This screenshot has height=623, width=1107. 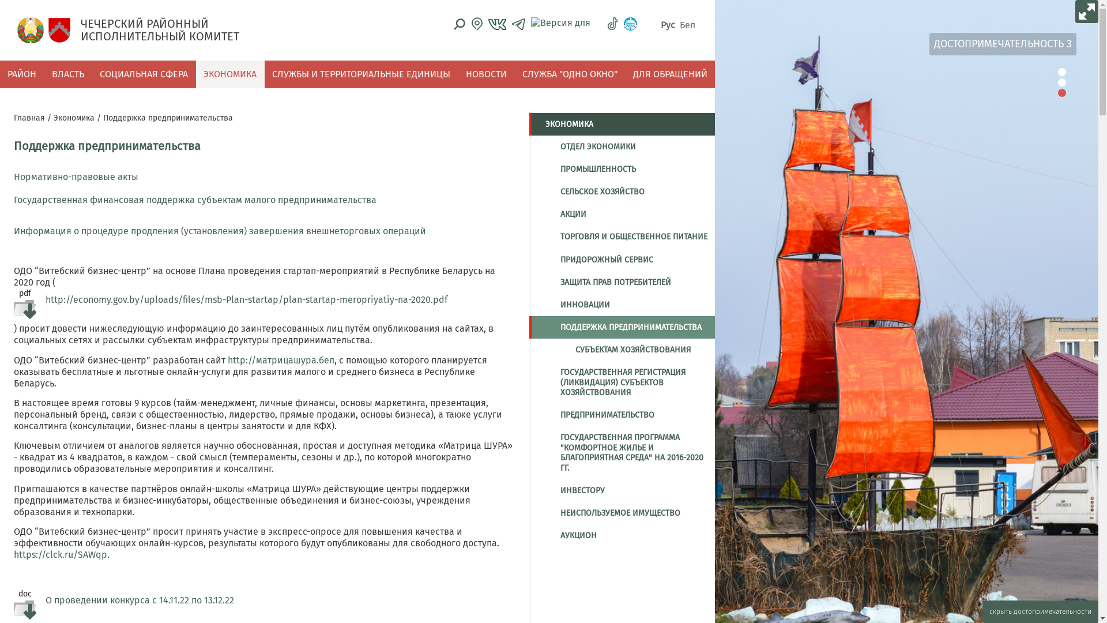 What do you see at coordinates (518, 24) in the screenshot?
I see `'telegram'` at bounding box center [518, 24].